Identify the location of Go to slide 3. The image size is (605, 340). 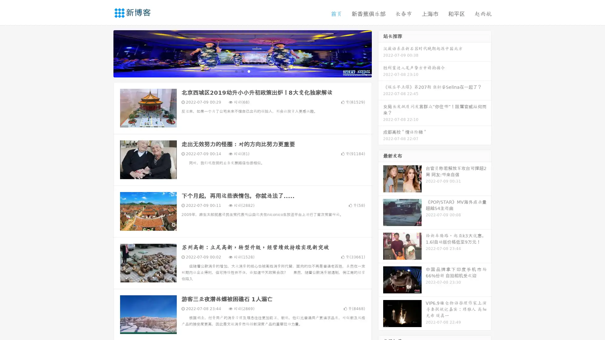
(249, 71).